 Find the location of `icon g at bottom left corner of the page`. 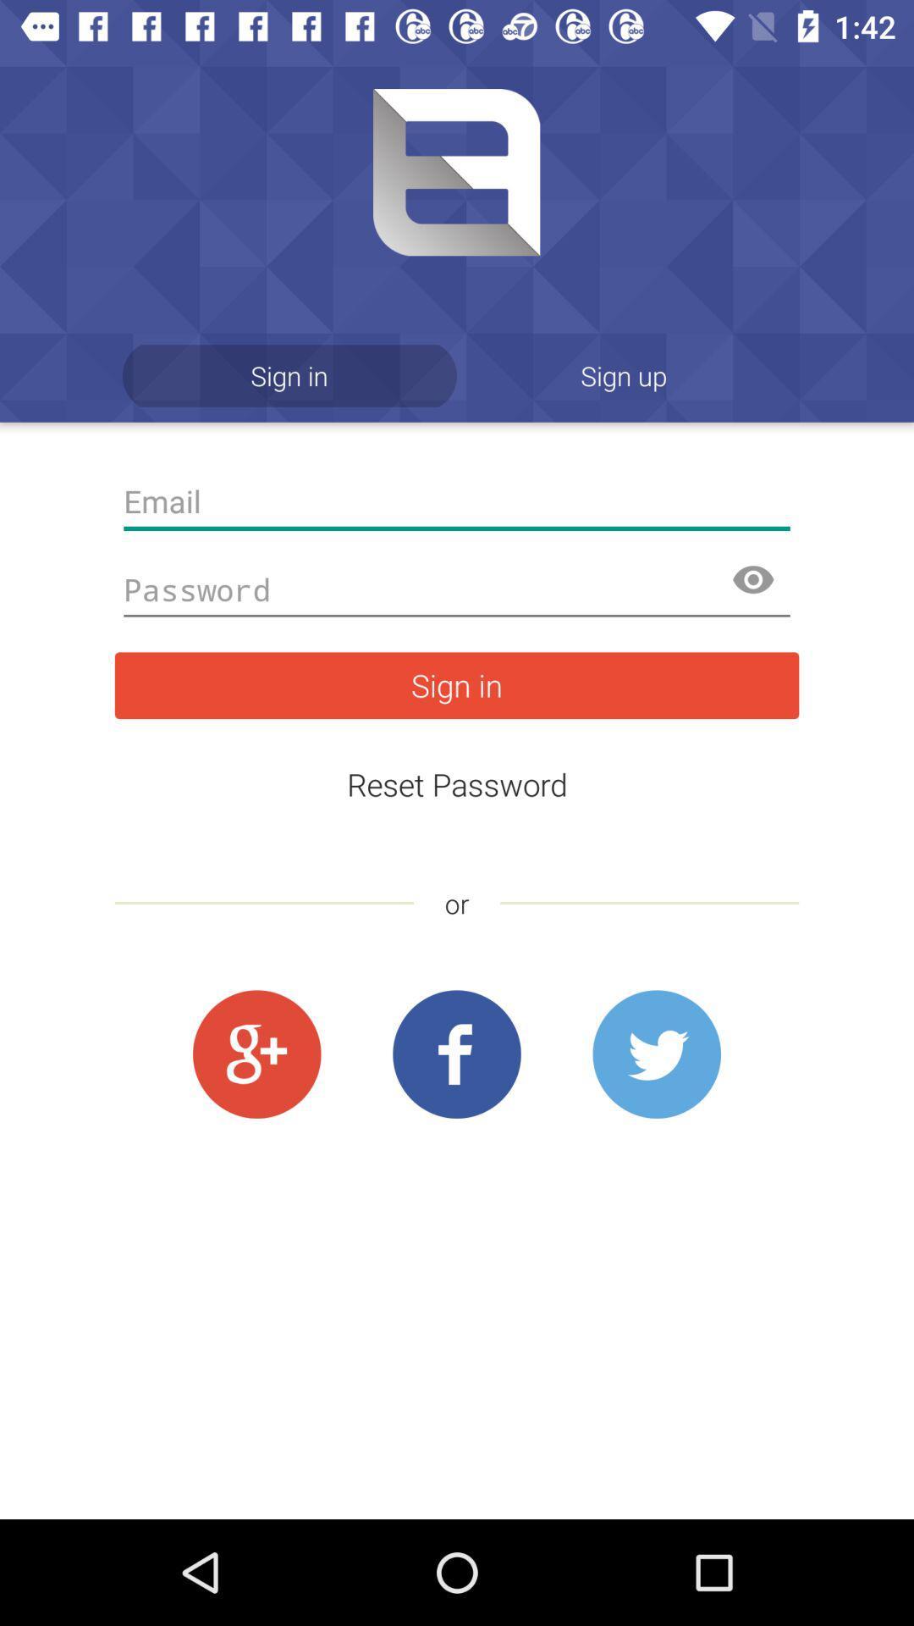

icon g at bottom left corner of the page is located at coordinates (257, 1054).